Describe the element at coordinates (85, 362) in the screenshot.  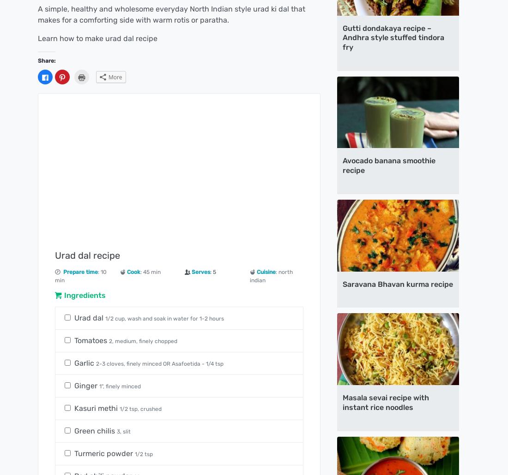
I see `'Garlic'` at that location.